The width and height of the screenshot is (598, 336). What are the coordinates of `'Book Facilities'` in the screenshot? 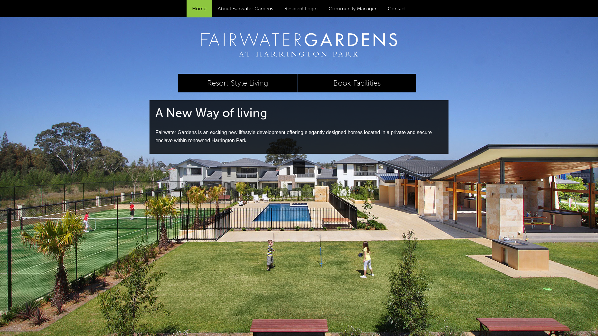 It's located at (357, 82).